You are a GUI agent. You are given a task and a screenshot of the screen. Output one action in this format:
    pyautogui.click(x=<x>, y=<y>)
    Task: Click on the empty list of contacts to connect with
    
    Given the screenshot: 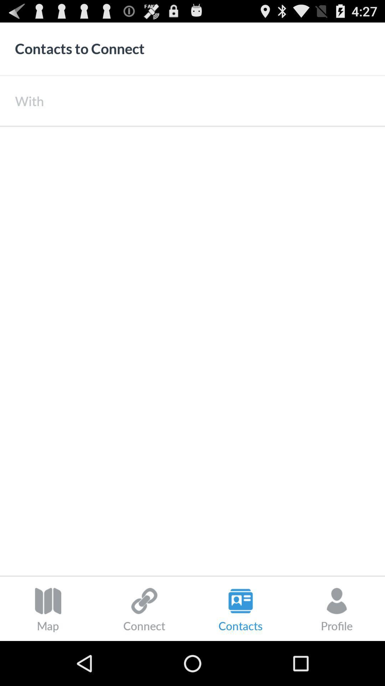 What is the action you would take?
    pyautogui.click(x=192, y=351)
    